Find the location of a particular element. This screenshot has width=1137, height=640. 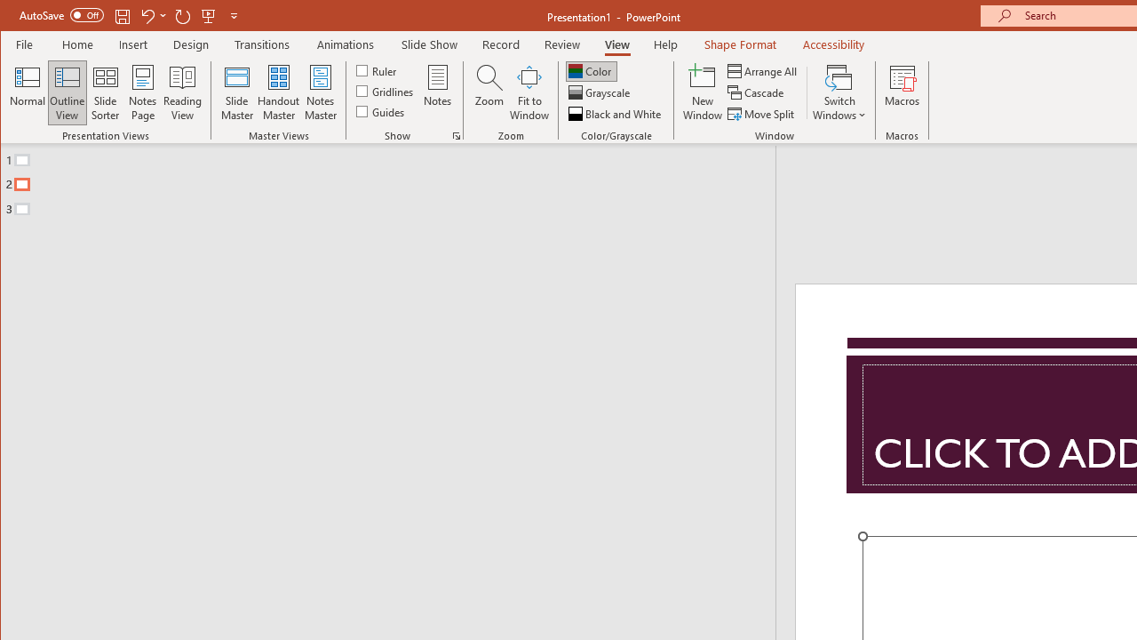

'Customize Quick Access Toolbar' is located at coordinates (233, 15).